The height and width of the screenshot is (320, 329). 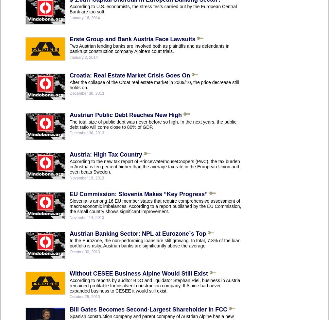 I want to click on 'Austria: High Tax Country', so click(x=105, y=154).